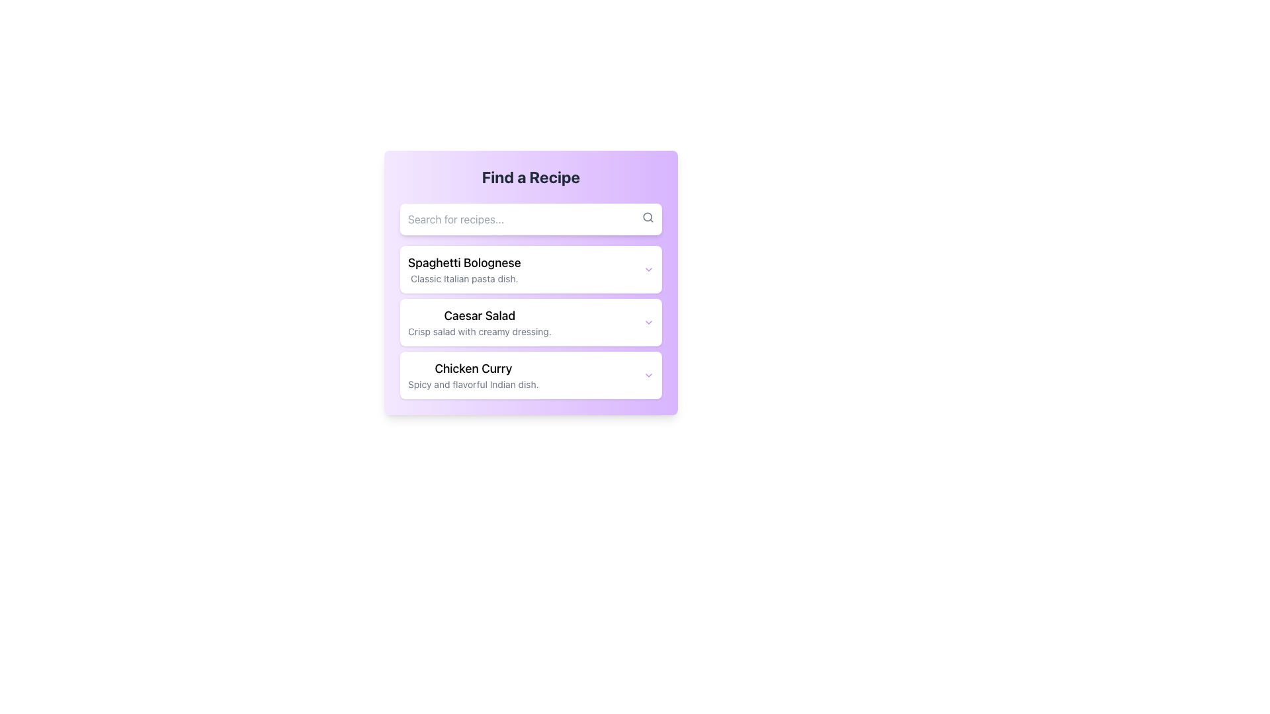 The height and width of the screenshot is (714, 1270). Describe the element at coordinates (479, 323) in the screenshot. I see `the text block displaying 'Caesar Salad', which contains the heading in bold and a description in smaller gray text, positioned between 'Spaghetti Bolognese' and 'Chicken Curry'` at that location.